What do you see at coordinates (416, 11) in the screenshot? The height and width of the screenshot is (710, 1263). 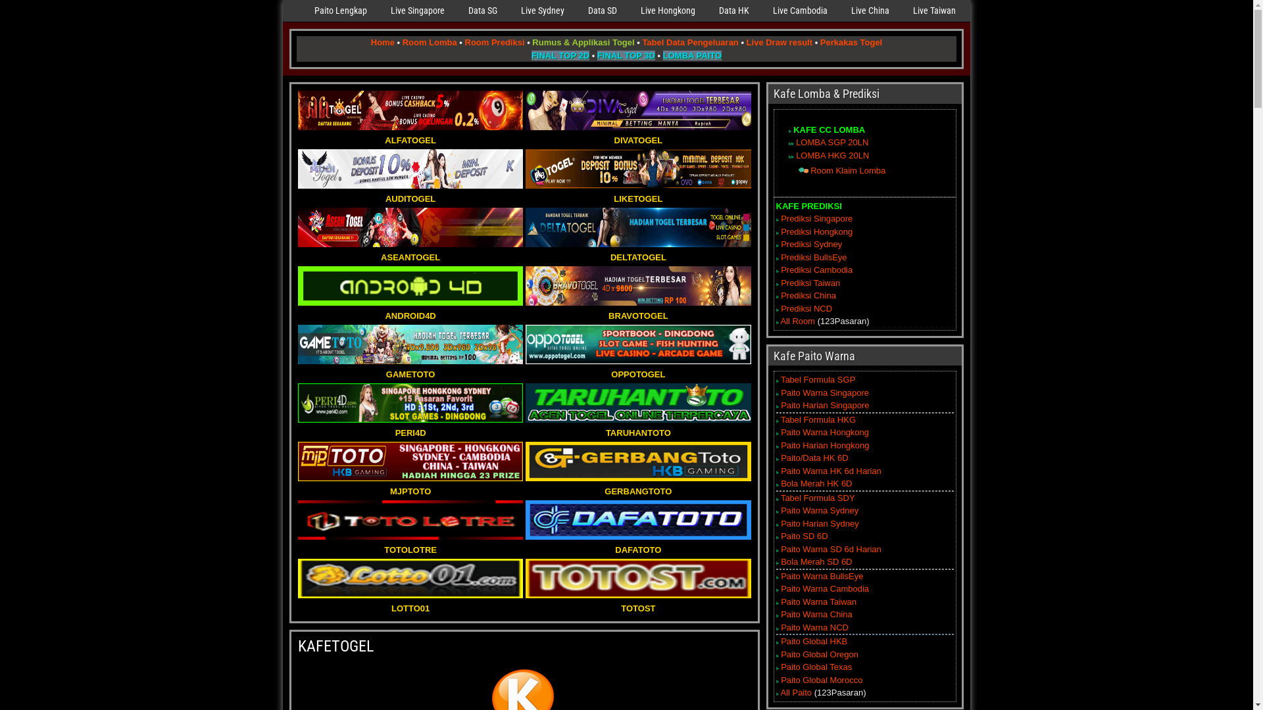 I see `'Live Singapore'` at bounding box center [416, 11].